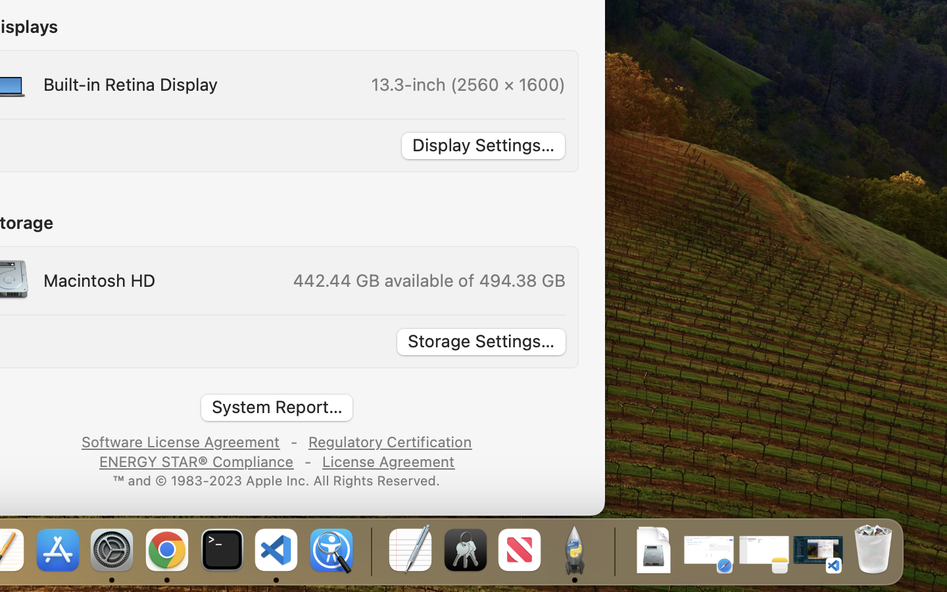 The width and height of the screenshot is (947, 592). What do you see at coordinates (427, 280) in the screenshot?
I see `'442.44 GB available of 494.38 GB'` at bounding box center [427, 280].